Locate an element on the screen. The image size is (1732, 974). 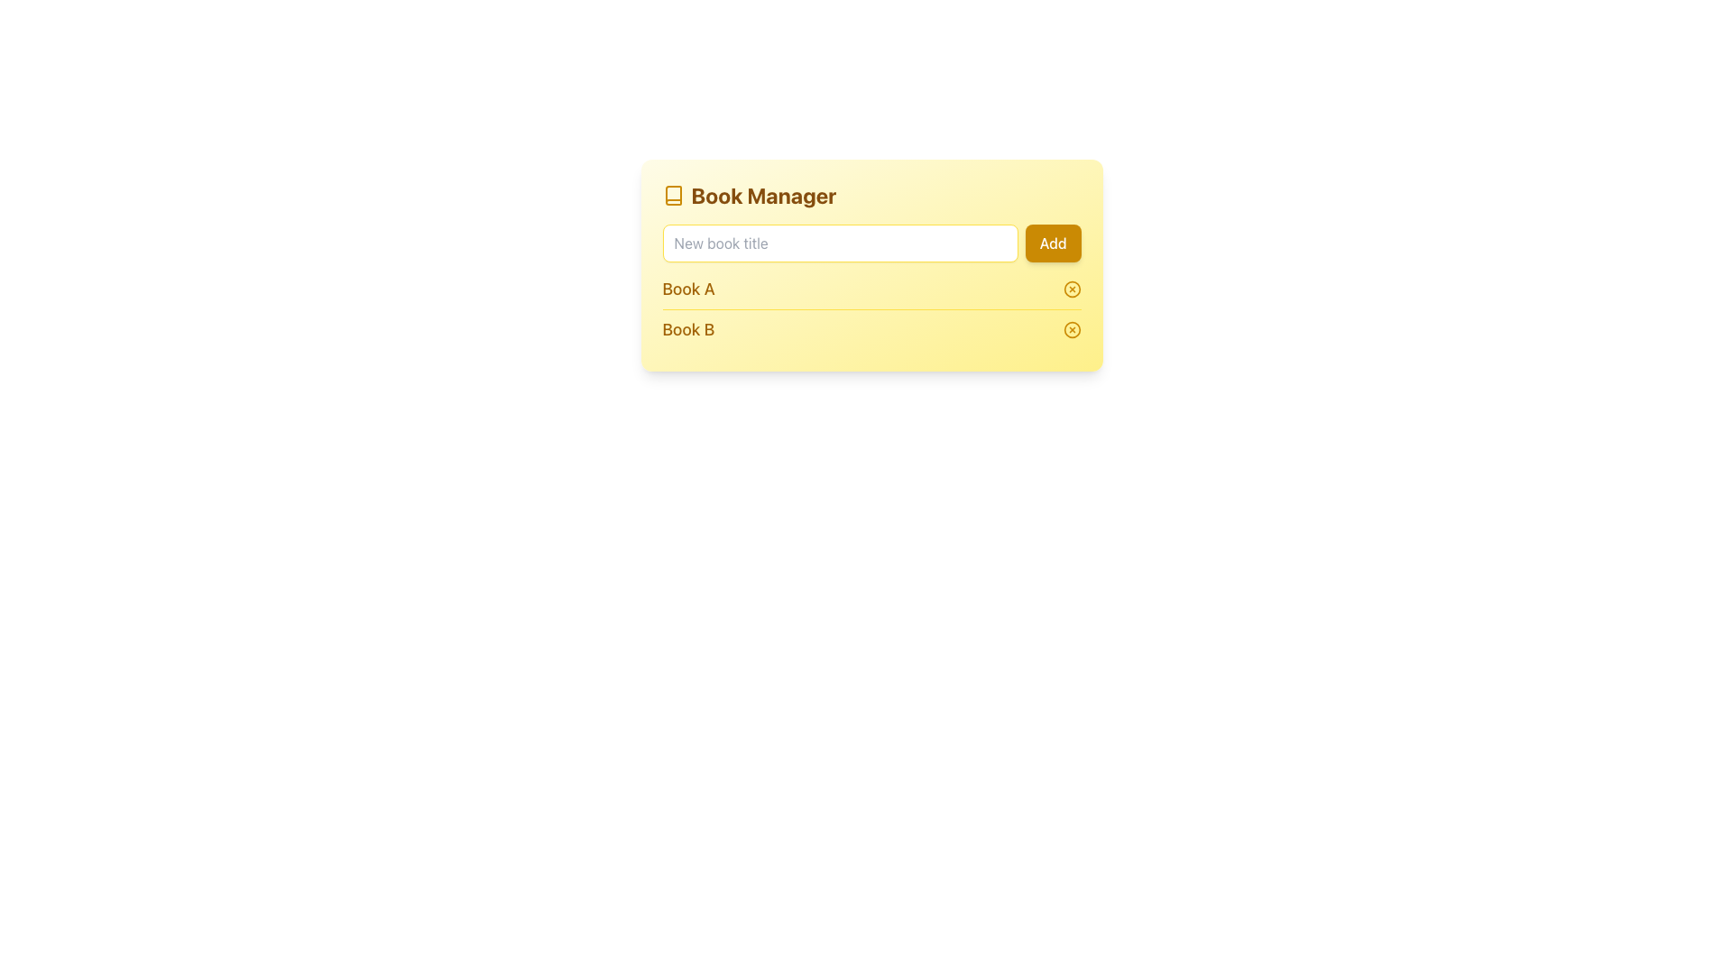
the label displaying 'Book A' in the yellow-themed interface located in the upper portion of the 'Book Manager' section is located at coordinates (687, 288).